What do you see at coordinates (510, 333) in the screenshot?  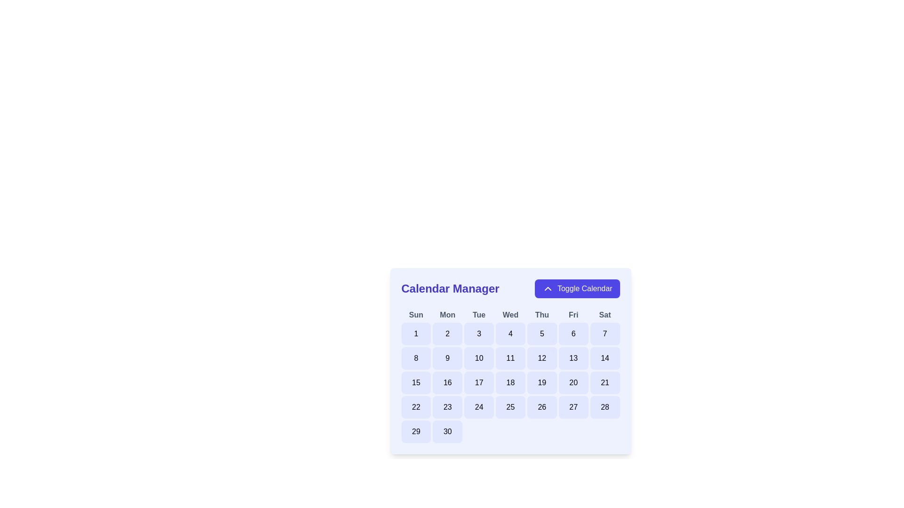 I see `the button displaying the number '4'` at bounding box center [510, 333].